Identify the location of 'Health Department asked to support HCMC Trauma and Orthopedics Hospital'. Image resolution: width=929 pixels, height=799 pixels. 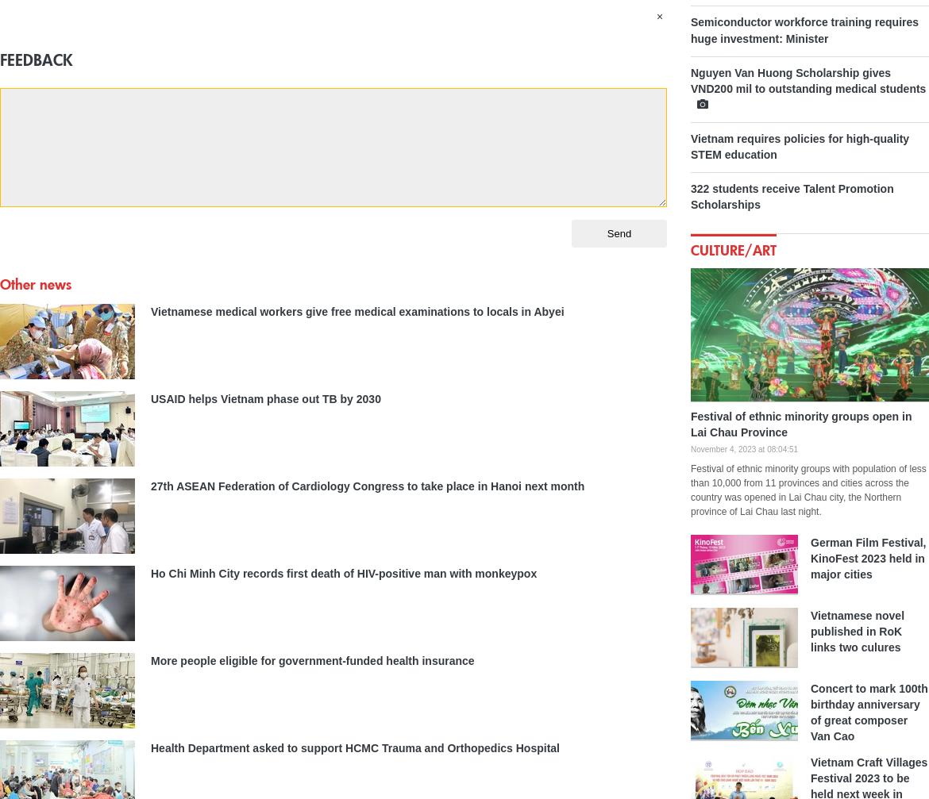
(150, 747).